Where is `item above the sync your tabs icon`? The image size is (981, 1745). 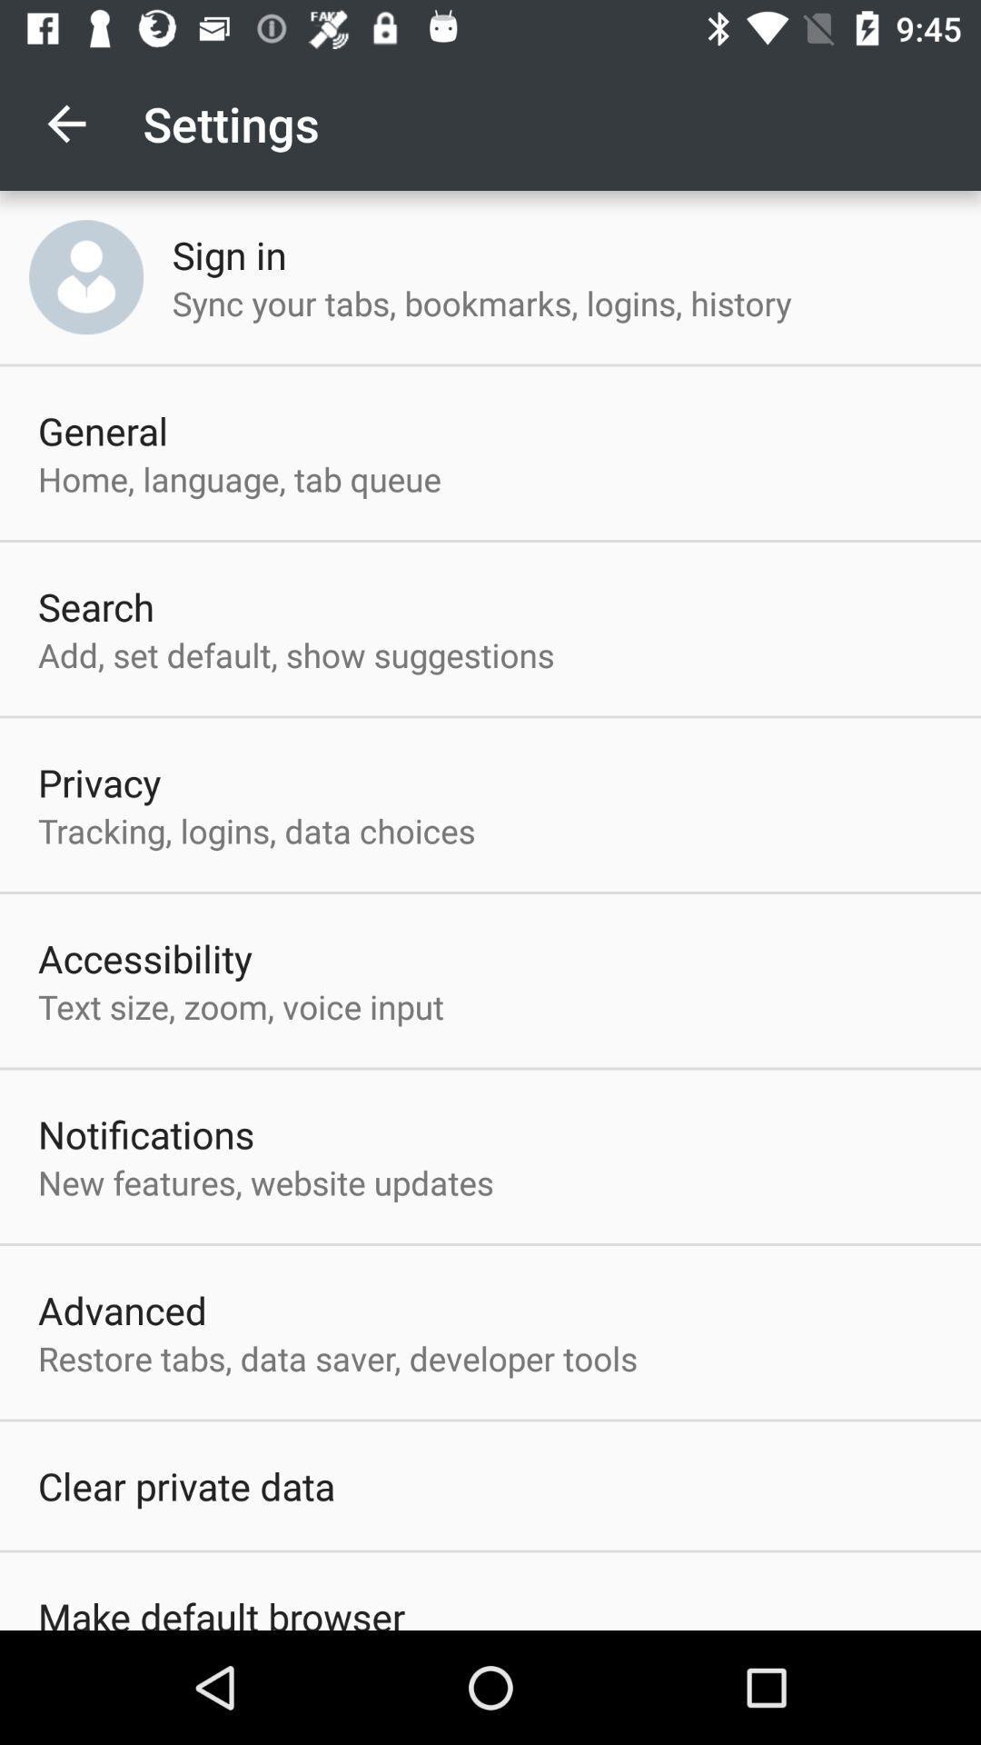 item above the sync your tabs icon is located at coordinates (228, 254).